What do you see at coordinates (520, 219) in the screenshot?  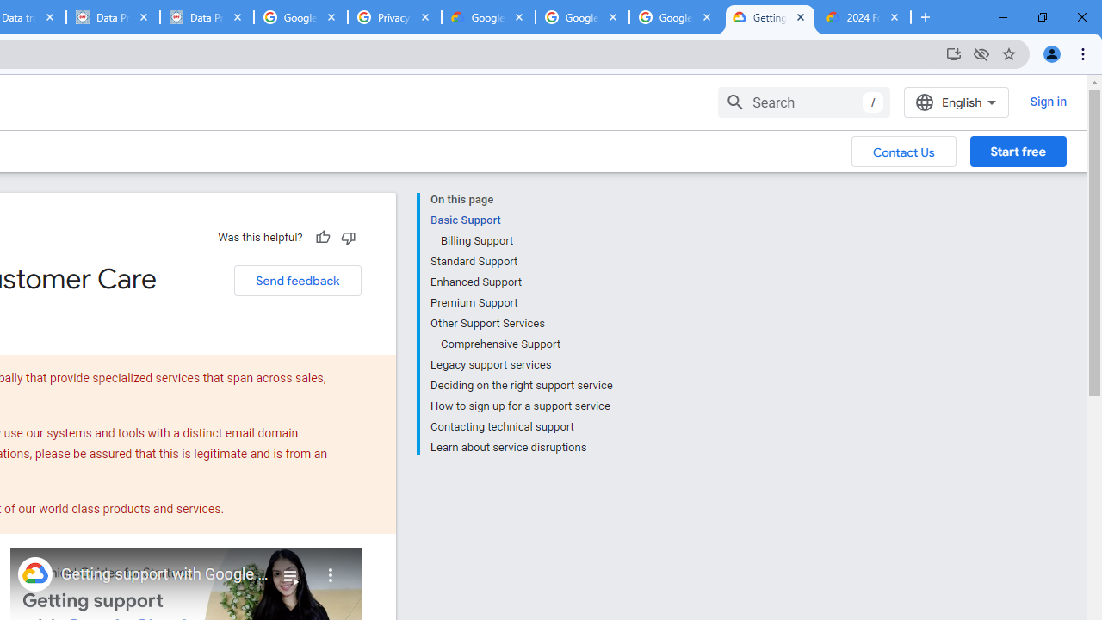 I see `'Basic Support'` at bounding box center [520, 219].